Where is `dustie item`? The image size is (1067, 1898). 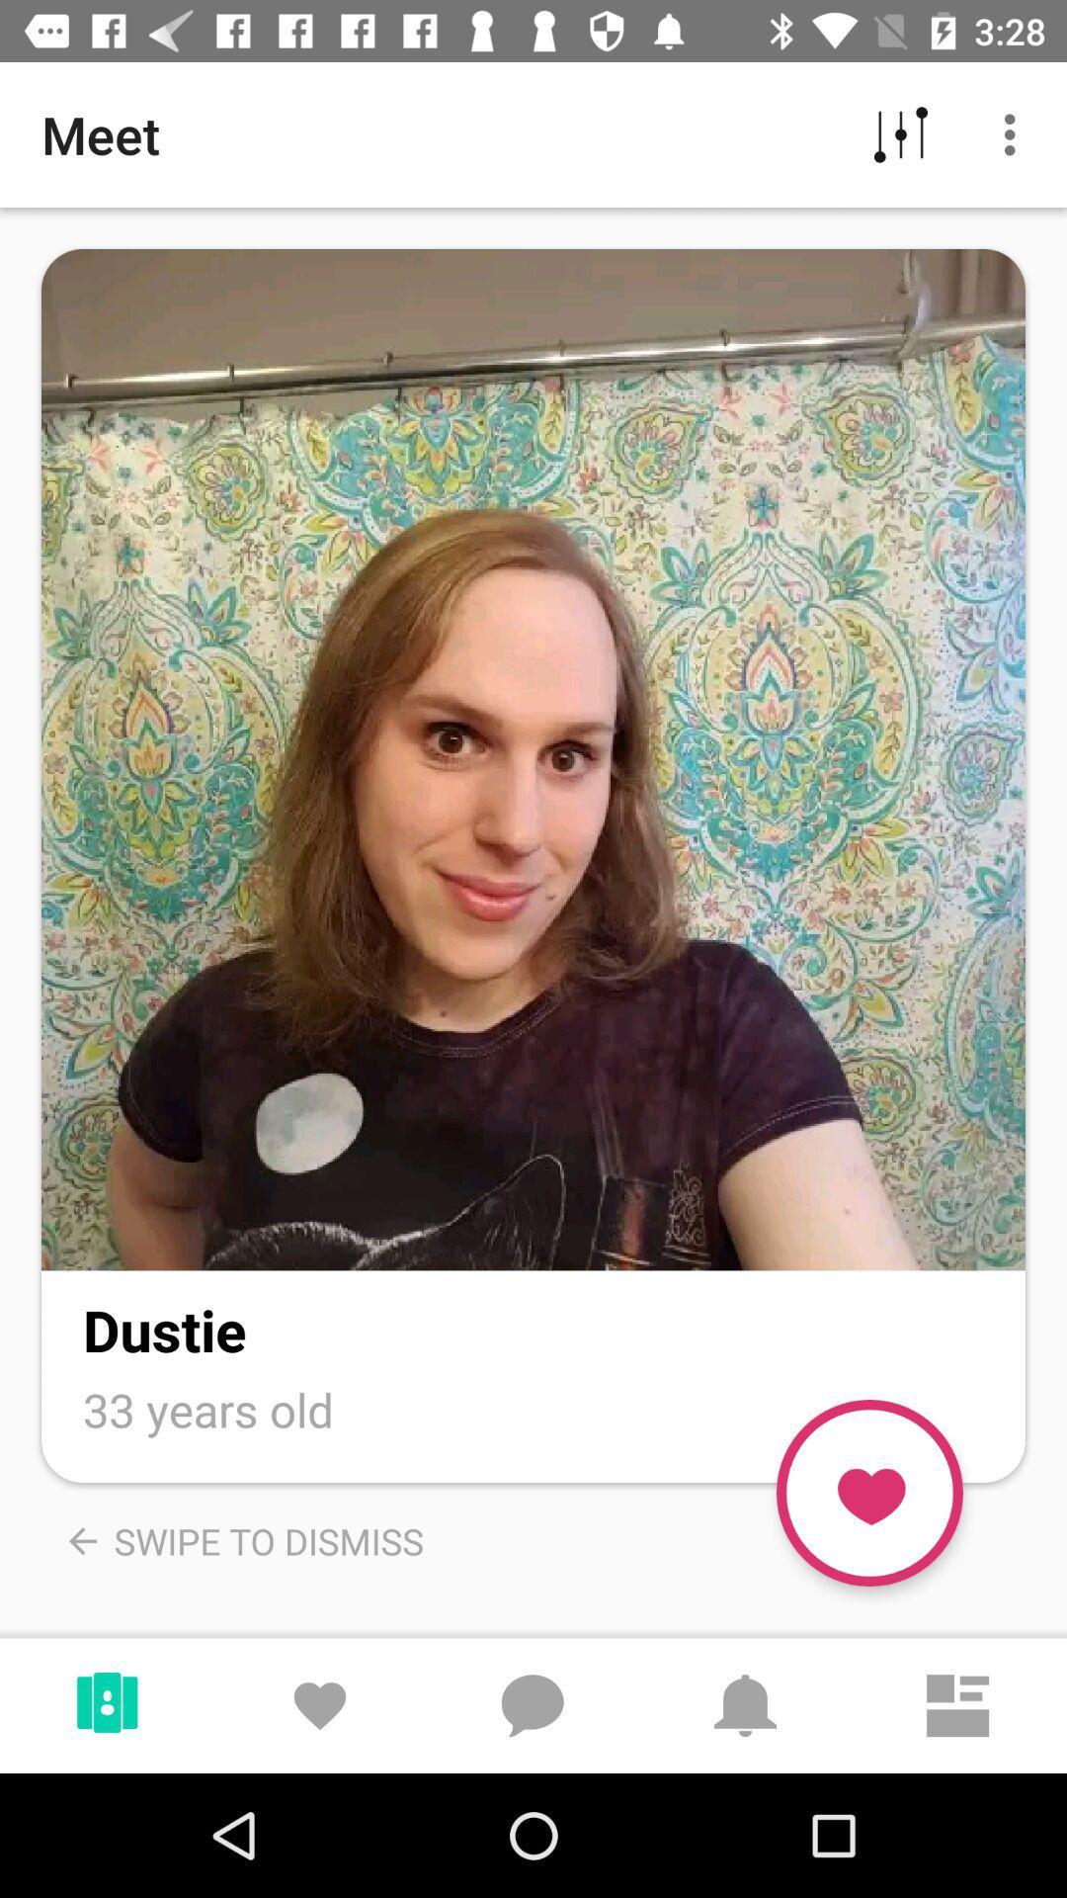
dustie item is located at coordinates (163, 1330).